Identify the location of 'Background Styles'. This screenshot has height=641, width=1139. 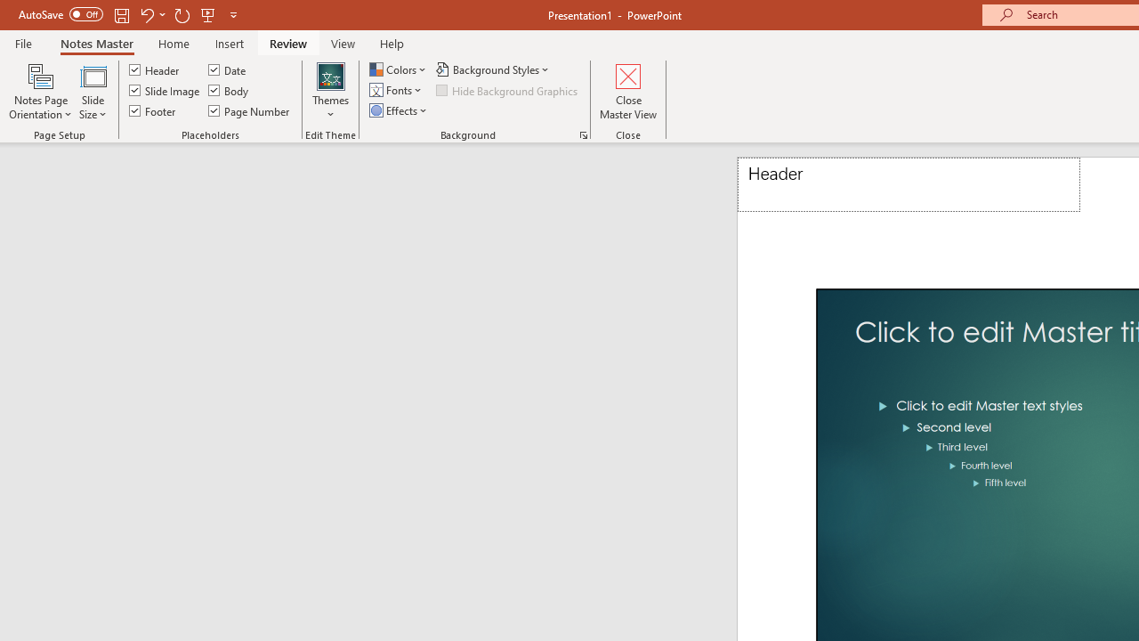
(494, 69).